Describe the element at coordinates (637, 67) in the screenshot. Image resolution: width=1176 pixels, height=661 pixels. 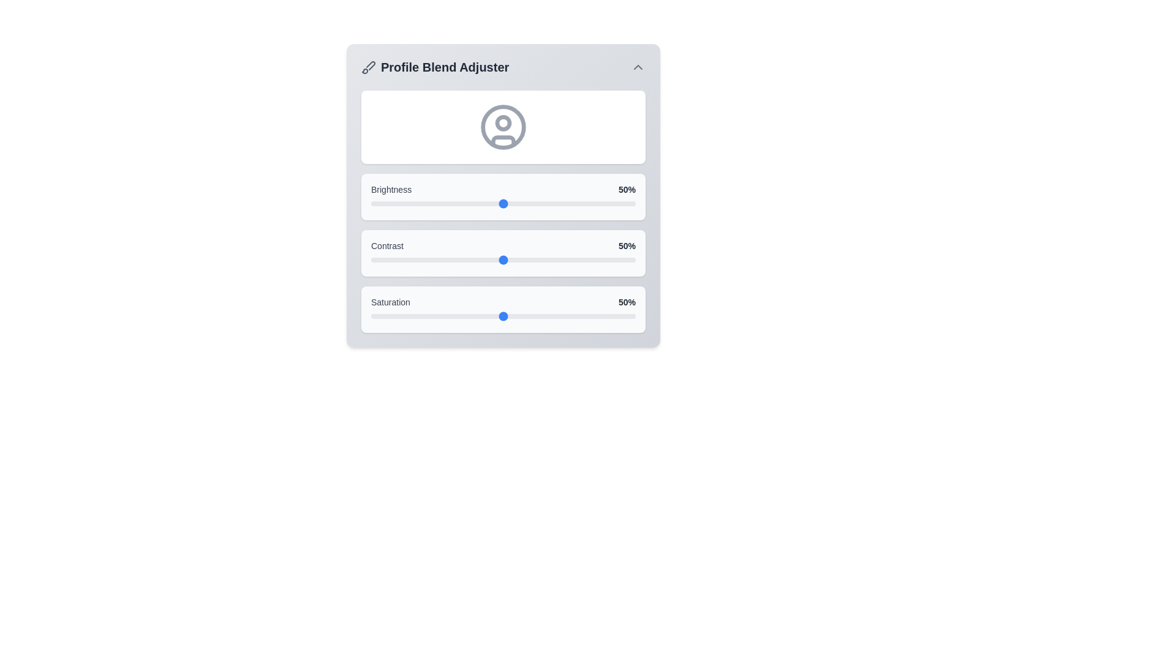
I see `the collapse/expand button located at the top-right corner of the 'Profile Blend Adjuster' interface` at that location.